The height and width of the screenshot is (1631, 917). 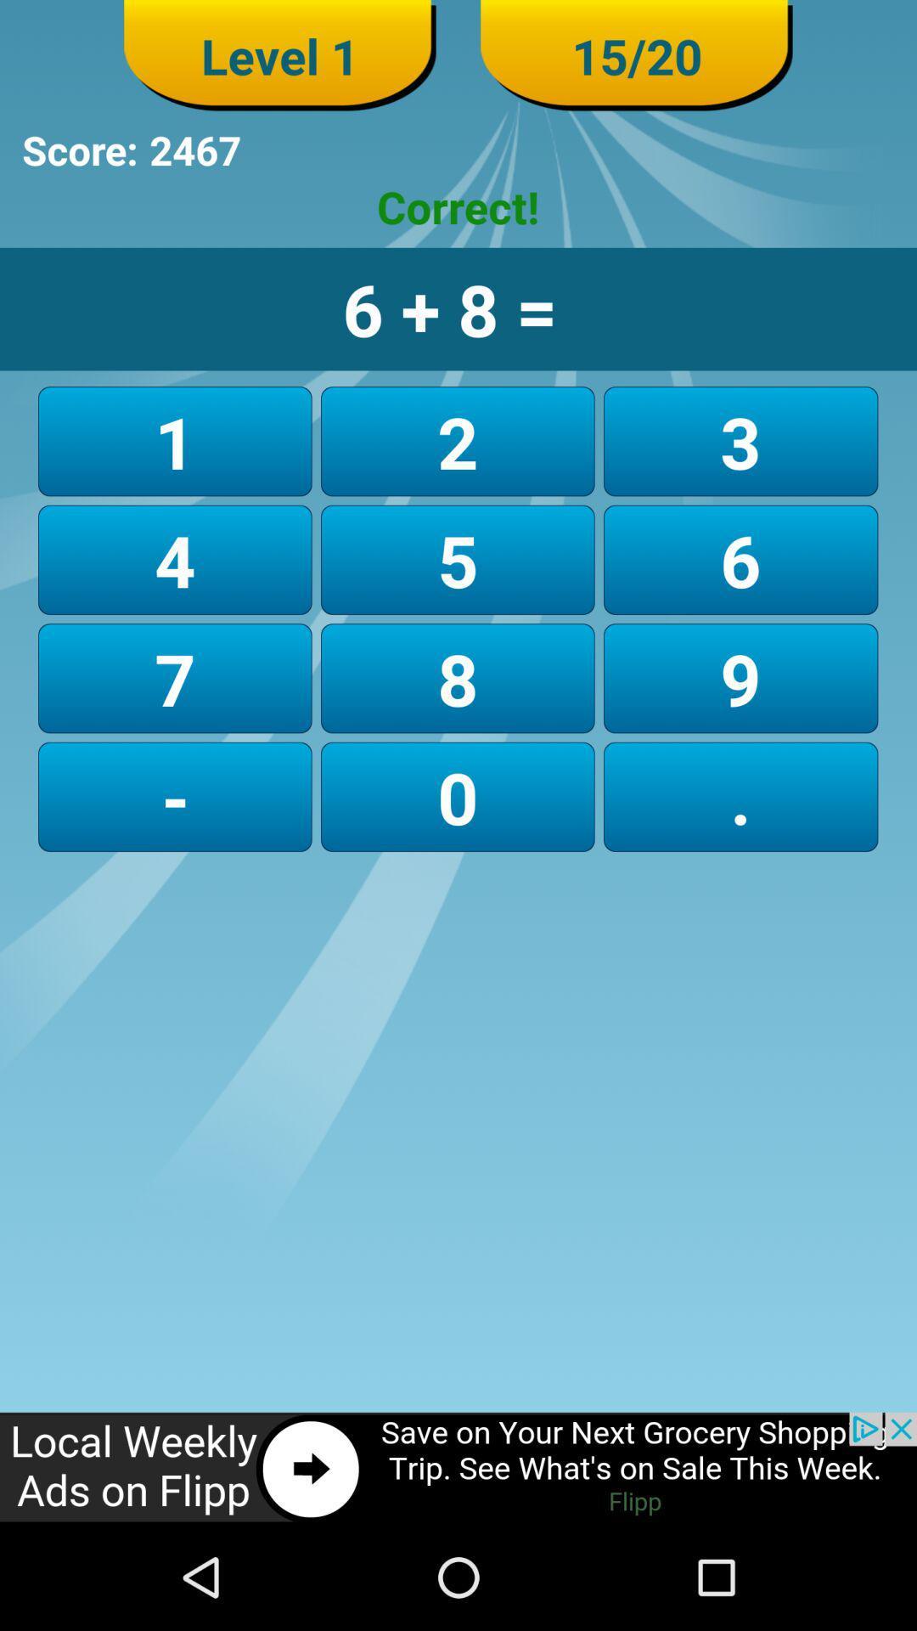 What do you see at coordinates (740, 796) in the screenshot?
I see `last option in last row` at bounding box center [740, 796].